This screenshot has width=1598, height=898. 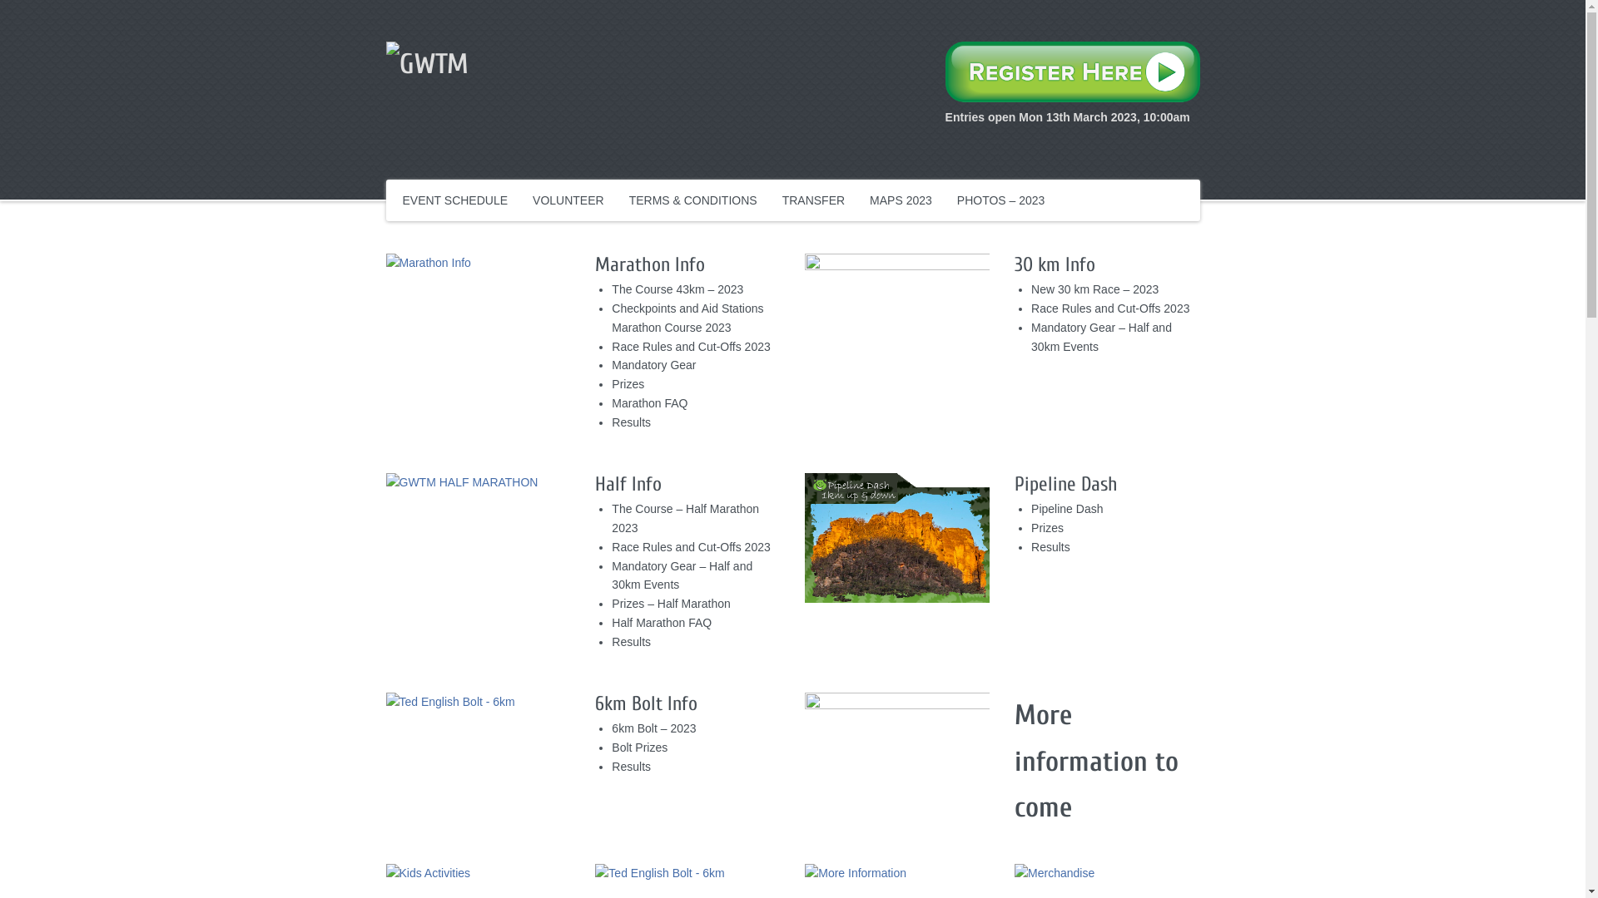 I want to click on 'VOLUNTEER', so click(x=568, y=199).